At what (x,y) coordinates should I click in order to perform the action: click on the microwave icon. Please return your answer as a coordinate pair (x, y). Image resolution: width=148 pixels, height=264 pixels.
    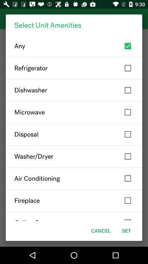
    Looking at the image, I should click on (74, 112).